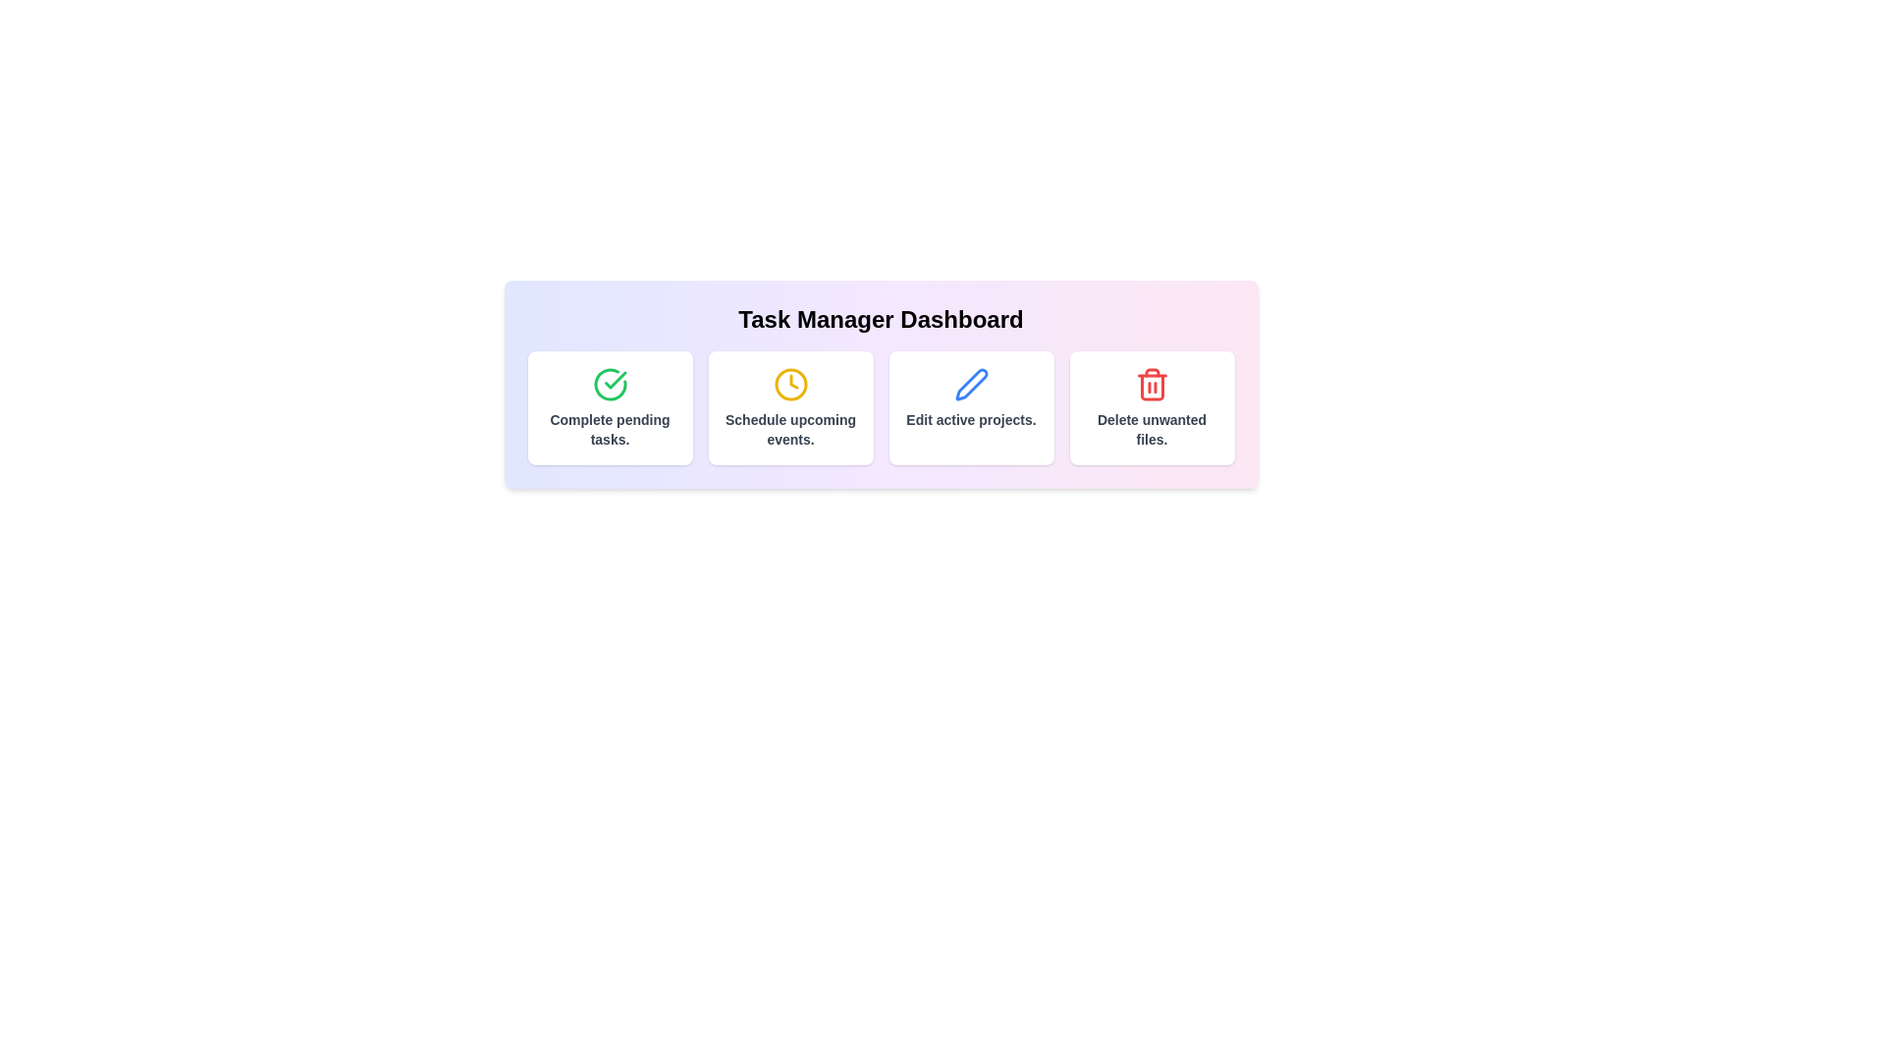 The width and height of the screenshot is (1885, 1060). Describe the element at coordinates (971, 385) in the screenshot. I see `the decorative pen-shaped icon with a blue border, which symbolizes editing tasks, located in the third column of the Task Manager Dashboard interface` at that location.